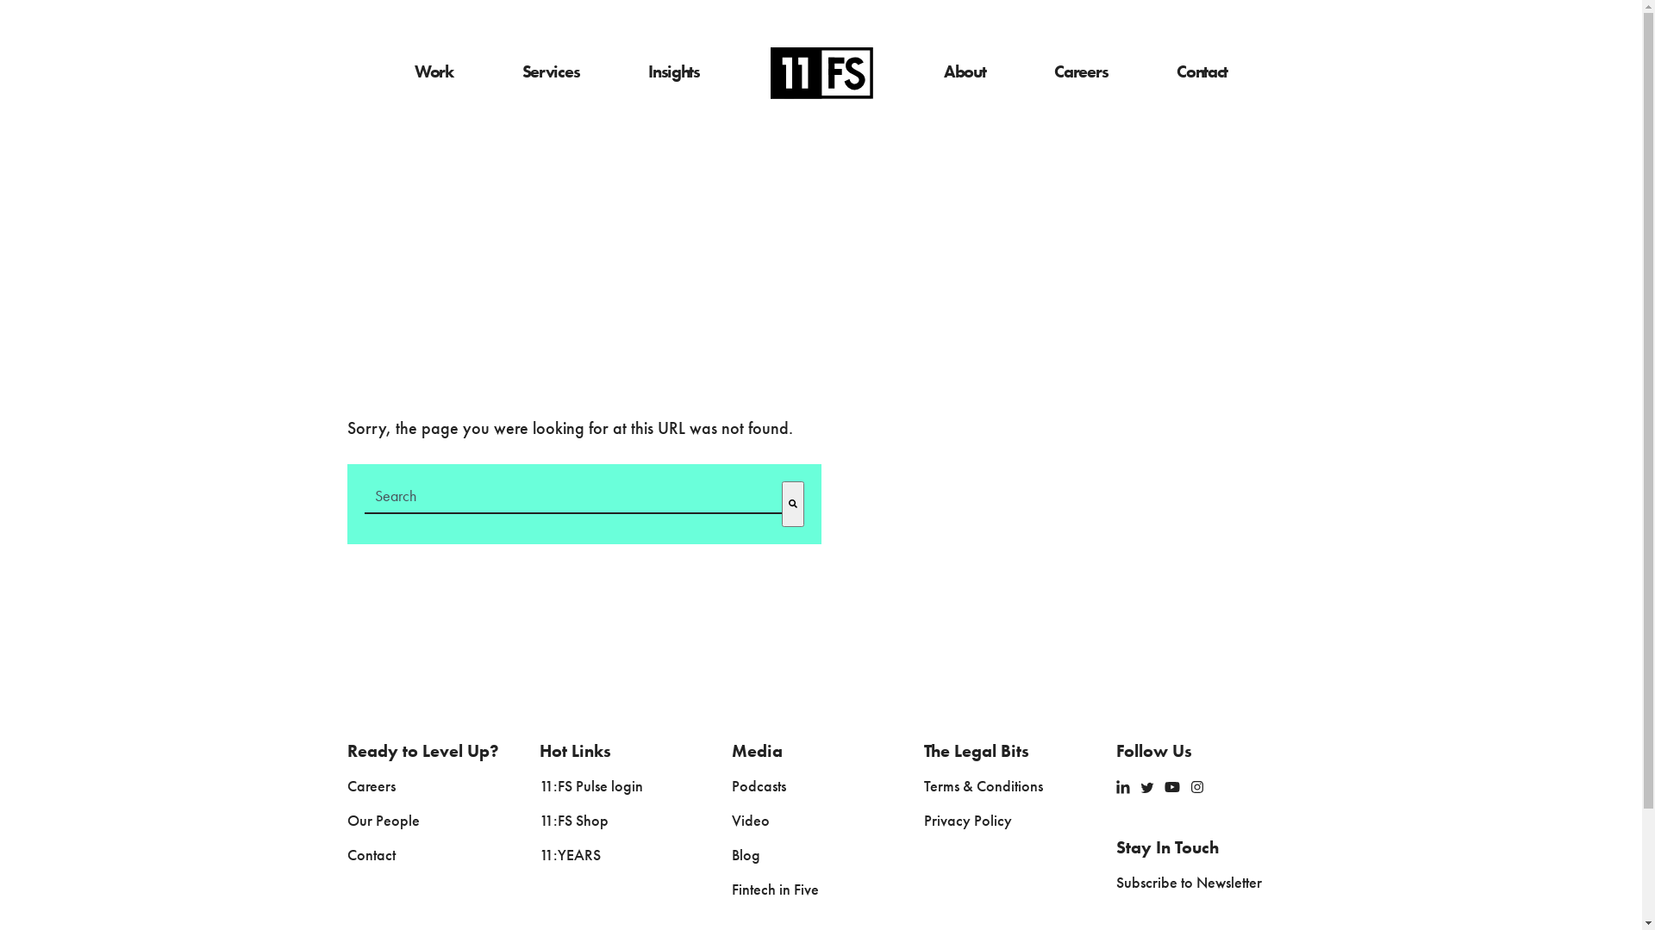 Image resolution: width=1655 pixels, height=930 pixels. What do you see at coordinates (1146, 787) in the screenshot?
I see `'Twitter'` at bounding box center [1146, 787].